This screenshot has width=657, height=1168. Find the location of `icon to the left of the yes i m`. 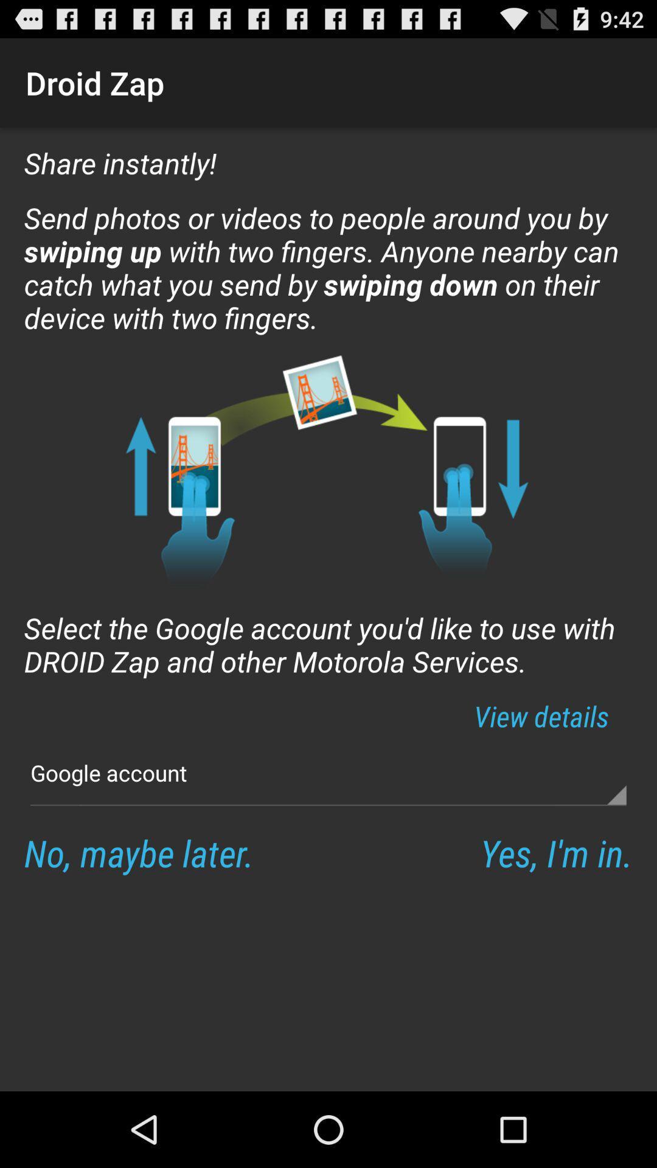

icon to the left of the yes i m is located at coordinates (138, 852).